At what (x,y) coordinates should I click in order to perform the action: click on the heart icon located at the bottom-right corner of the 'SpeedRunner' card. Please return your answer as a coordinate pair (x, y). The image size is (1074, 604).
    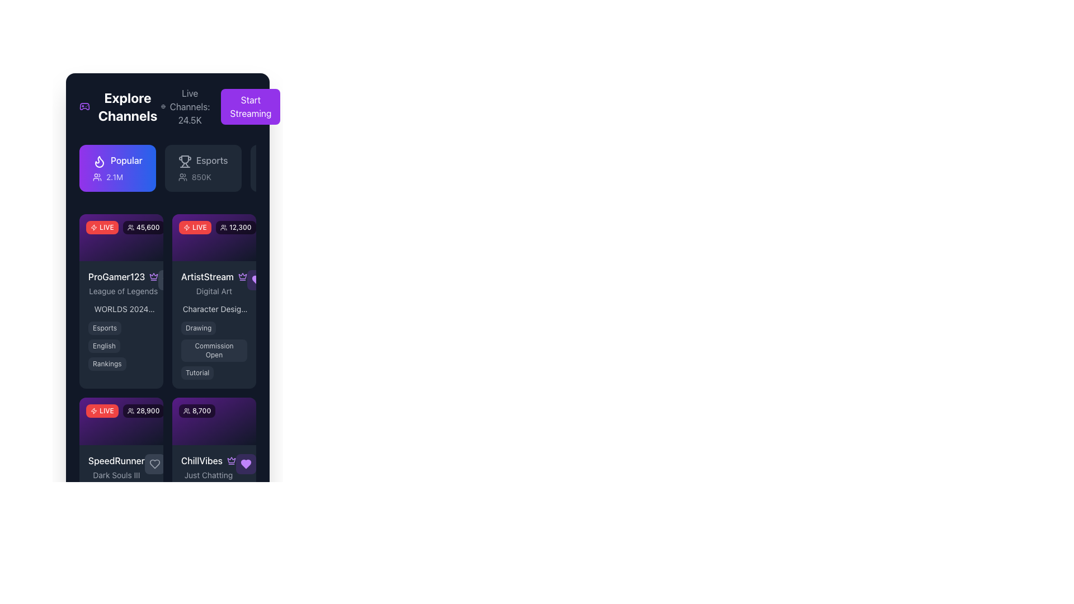
    Looking at the image, I should click on (154, 464).